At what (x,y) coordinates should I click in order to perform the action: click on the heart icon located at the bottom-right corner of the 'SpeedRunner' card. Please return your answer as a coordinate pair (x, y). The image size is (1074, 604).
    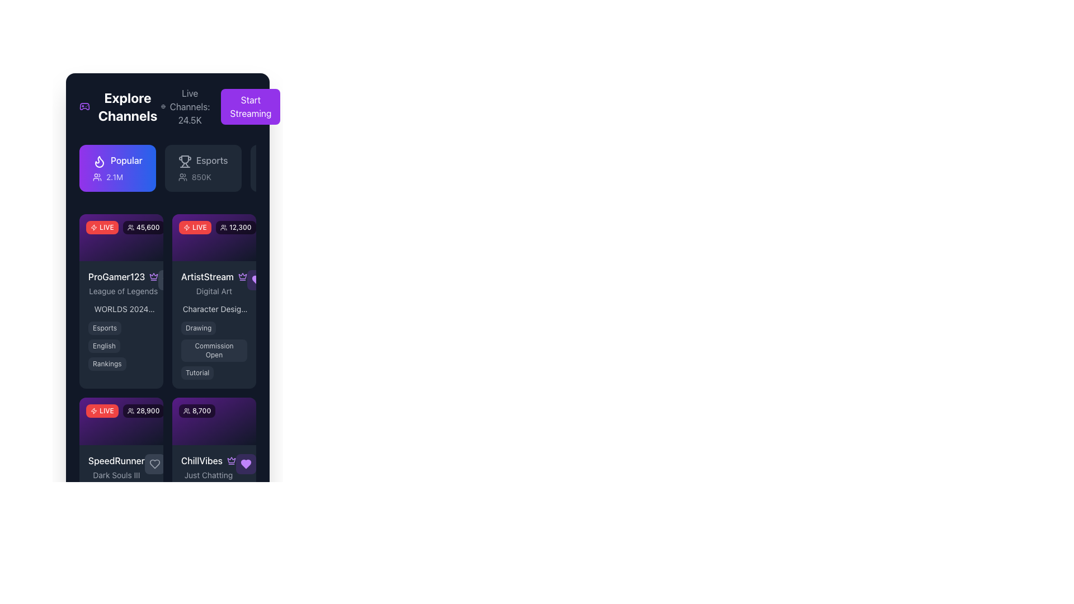
    Looking at the image, I should click on (154, 464).